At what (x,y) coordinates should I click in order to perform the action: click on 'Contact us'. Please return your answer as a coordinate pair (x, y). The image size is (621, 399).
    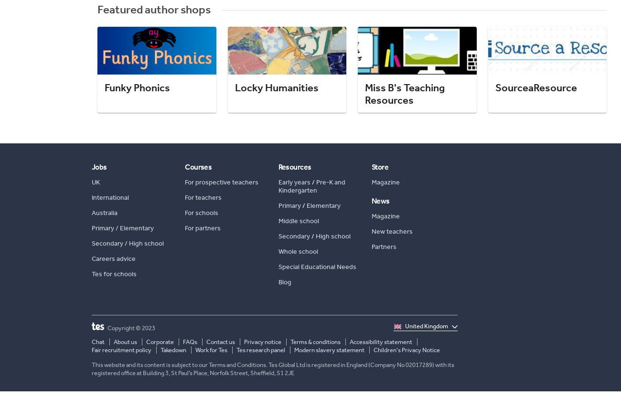
    Looking at the image, I should click on (220, 342).